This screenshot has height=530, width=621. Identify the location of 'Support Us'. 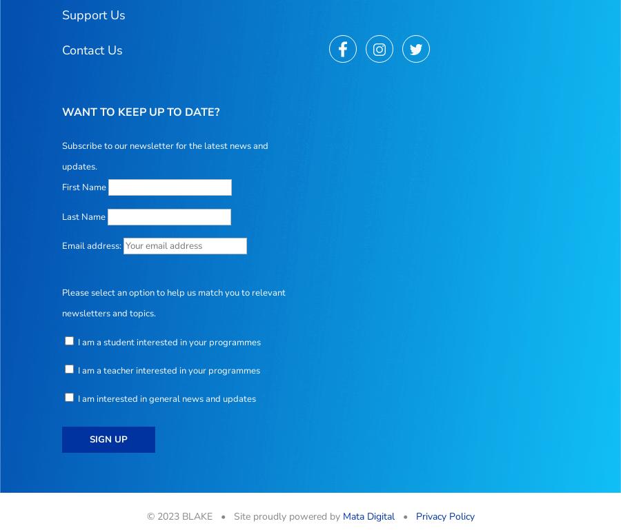
(93, 14).